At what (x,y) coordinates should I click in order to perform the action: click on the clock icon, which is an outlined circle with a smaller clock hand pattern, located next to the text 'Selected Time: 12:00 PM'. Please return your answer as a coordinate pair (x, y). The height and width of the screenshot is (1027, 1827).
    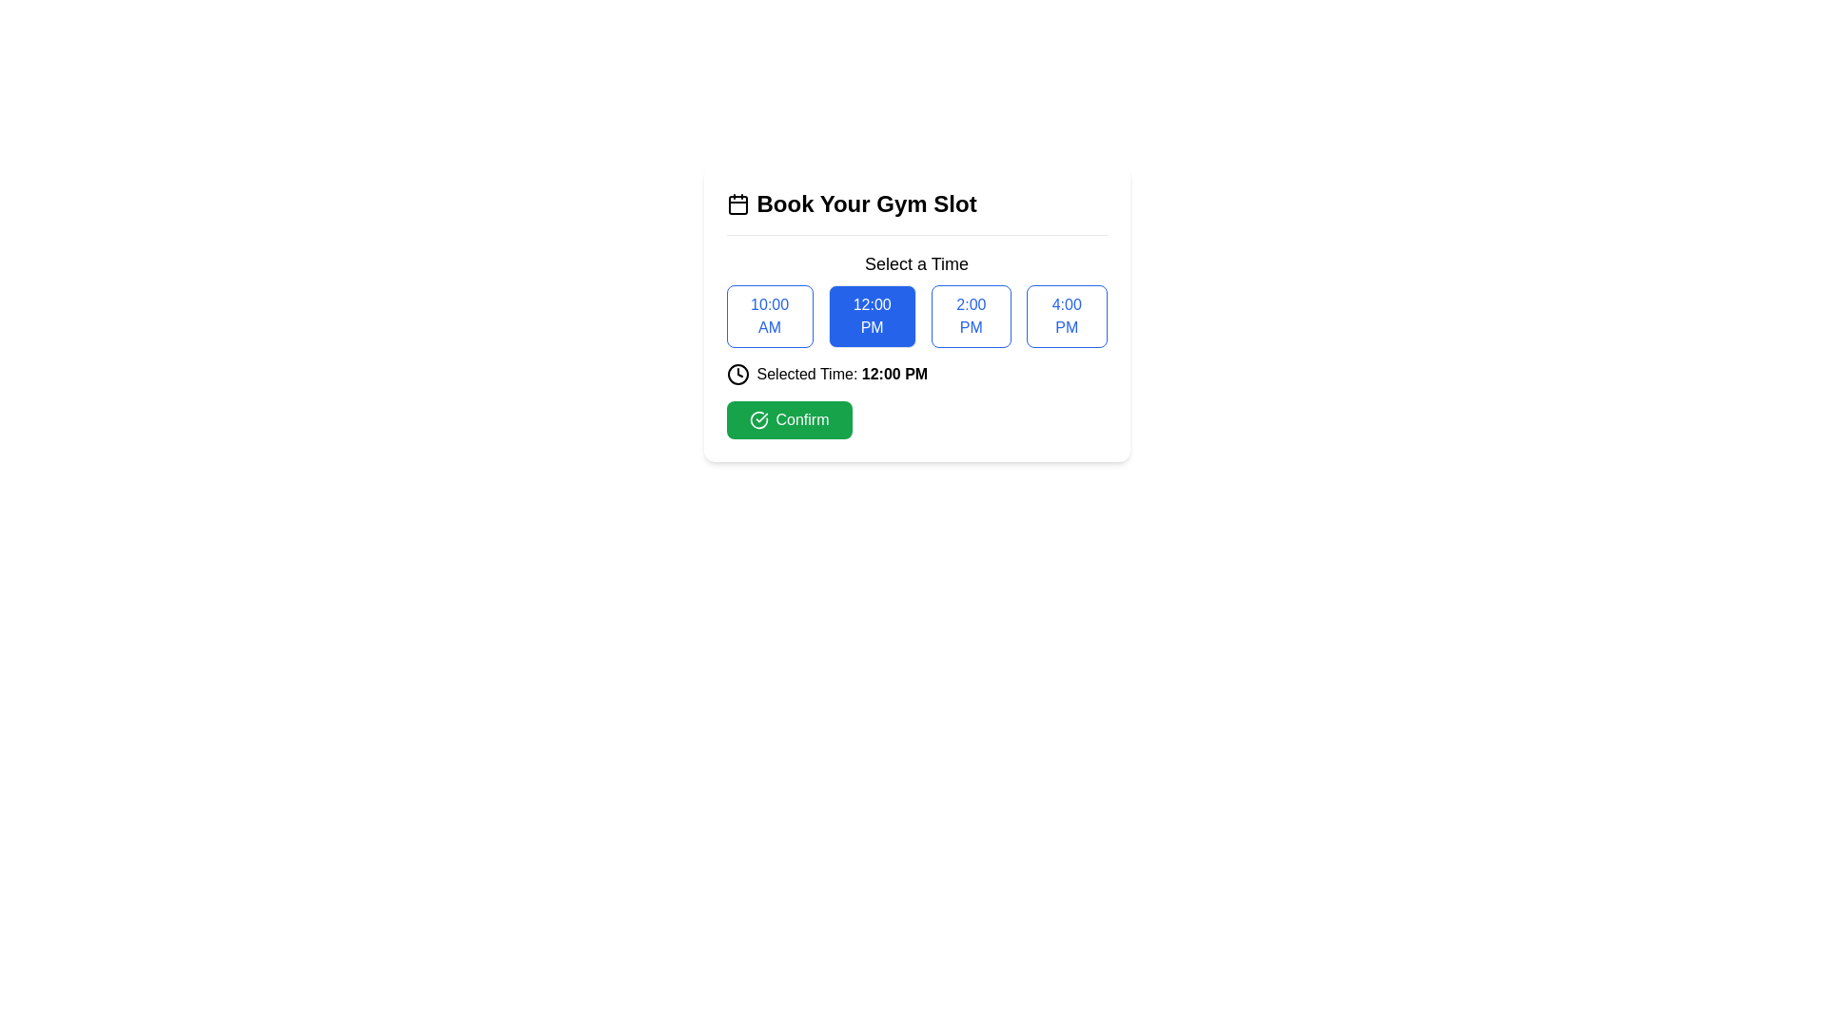
    Looking at the image, I should click on (737, 374).